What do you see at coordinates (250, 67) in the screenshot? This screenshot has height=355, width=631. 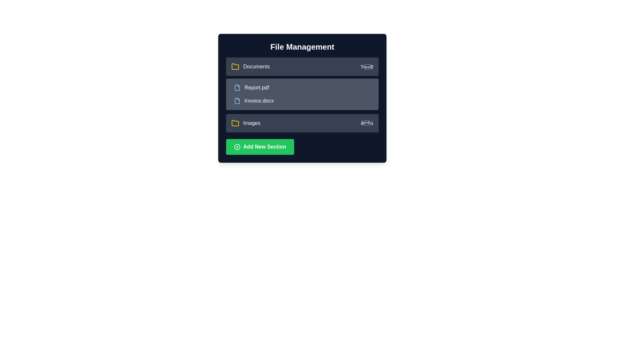 I see `the folder icon adjacent to the text 'Documents'` at bounding box center [250, 67].